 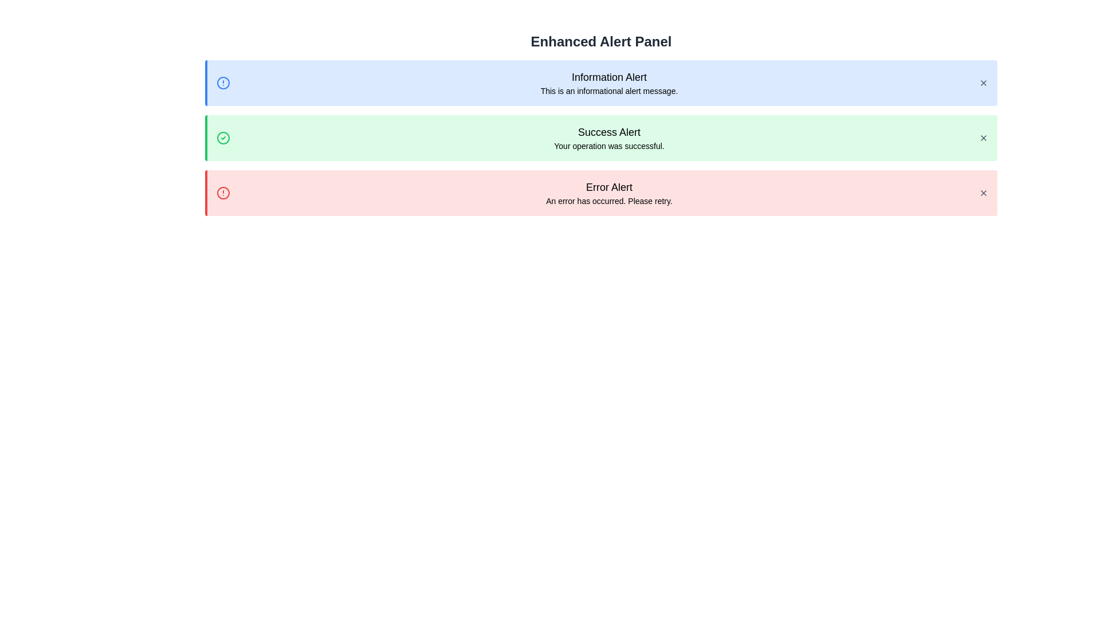 What do you see at coordinates (600, 77) in the screenshot?
I see `the text of Information Alert` at bounding box center [600, 77].